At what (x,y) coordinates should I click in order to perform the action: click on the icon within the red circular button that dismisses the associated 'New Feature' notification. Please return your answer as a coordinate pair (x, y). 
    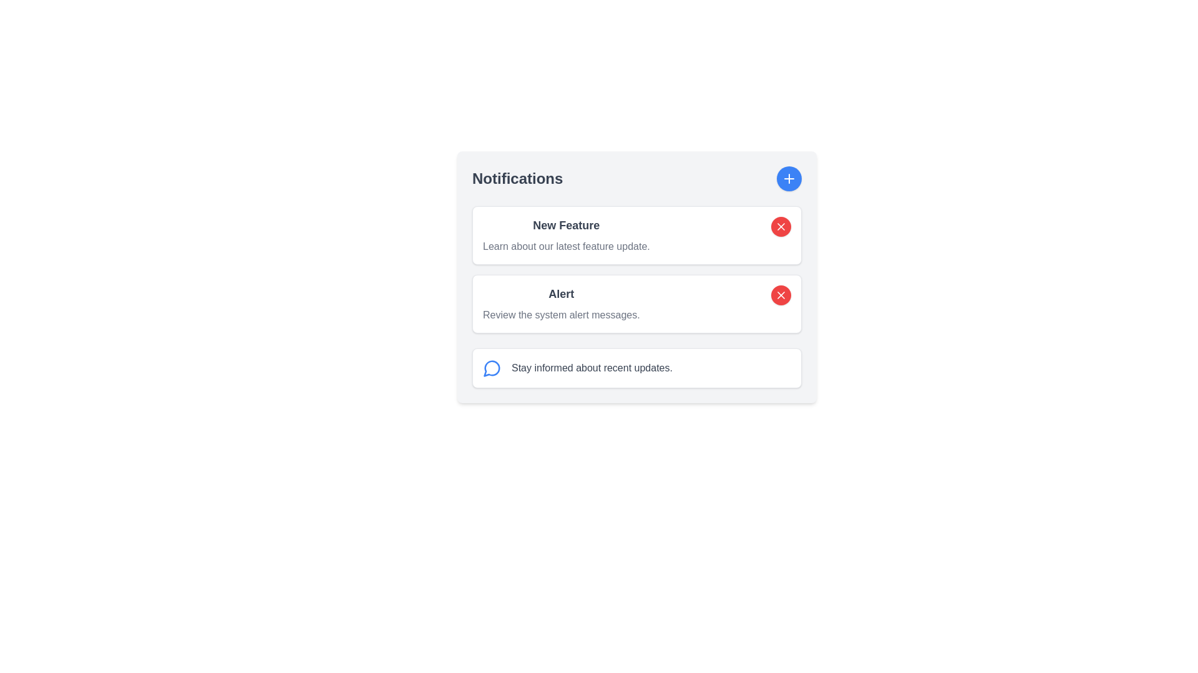
    Looking at the image, I should click on (781, 226).